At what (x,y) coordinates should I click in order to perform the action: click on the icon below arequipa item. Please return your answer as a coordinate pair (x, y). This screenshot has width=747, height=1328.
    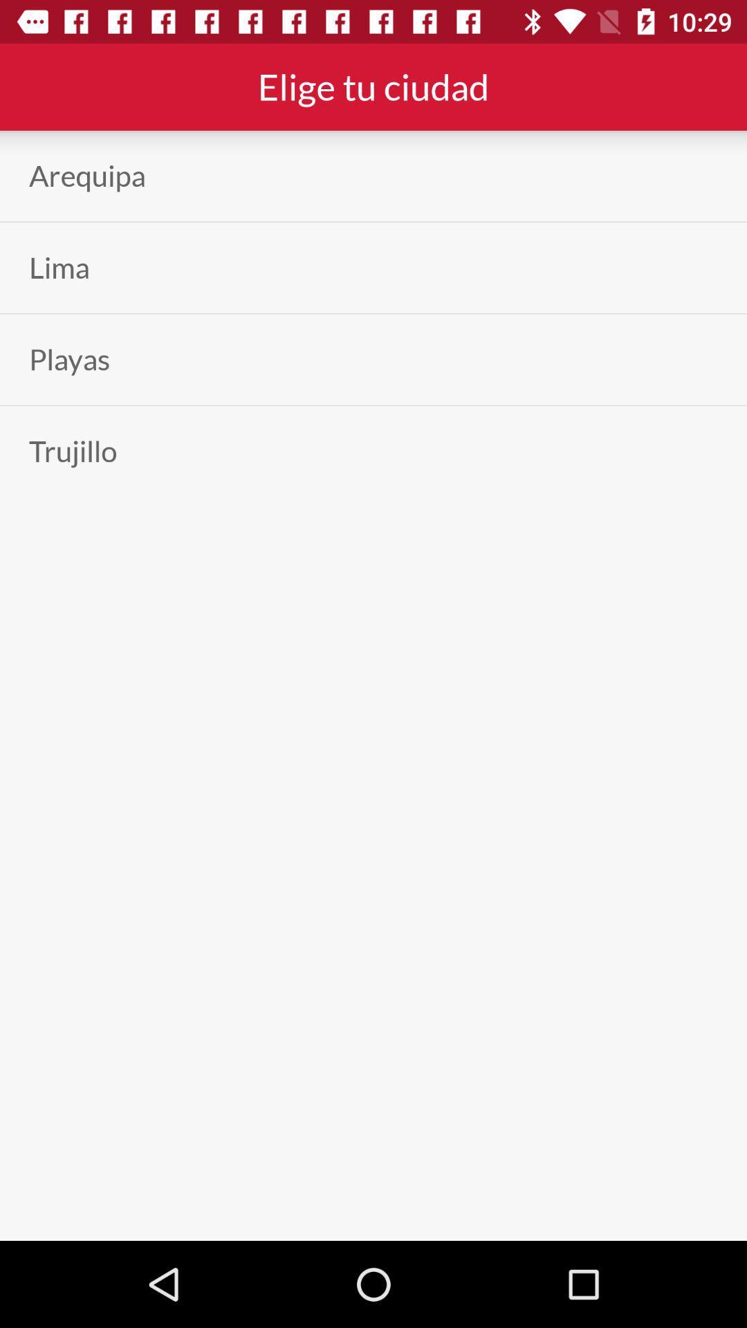
    Looking at the image, I should click on (58, 268).